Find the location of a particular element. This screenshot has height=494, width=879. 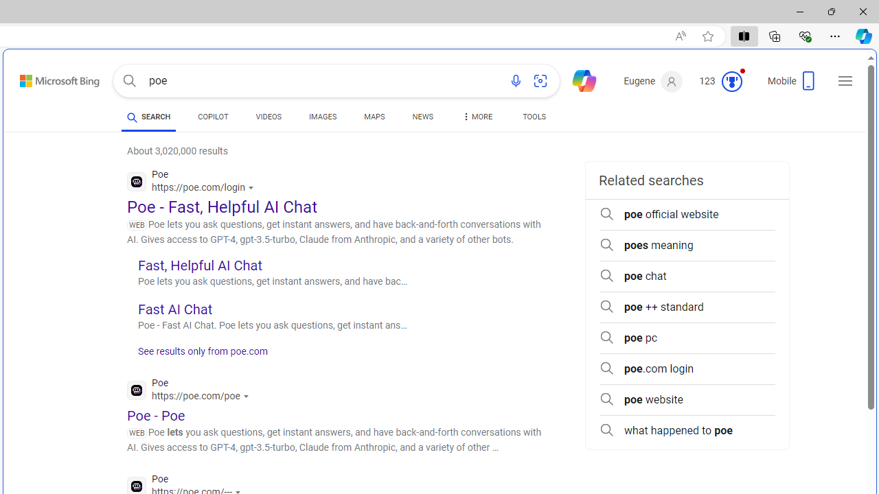

'Dropdown Menu' is located at coordinates (476, 117).